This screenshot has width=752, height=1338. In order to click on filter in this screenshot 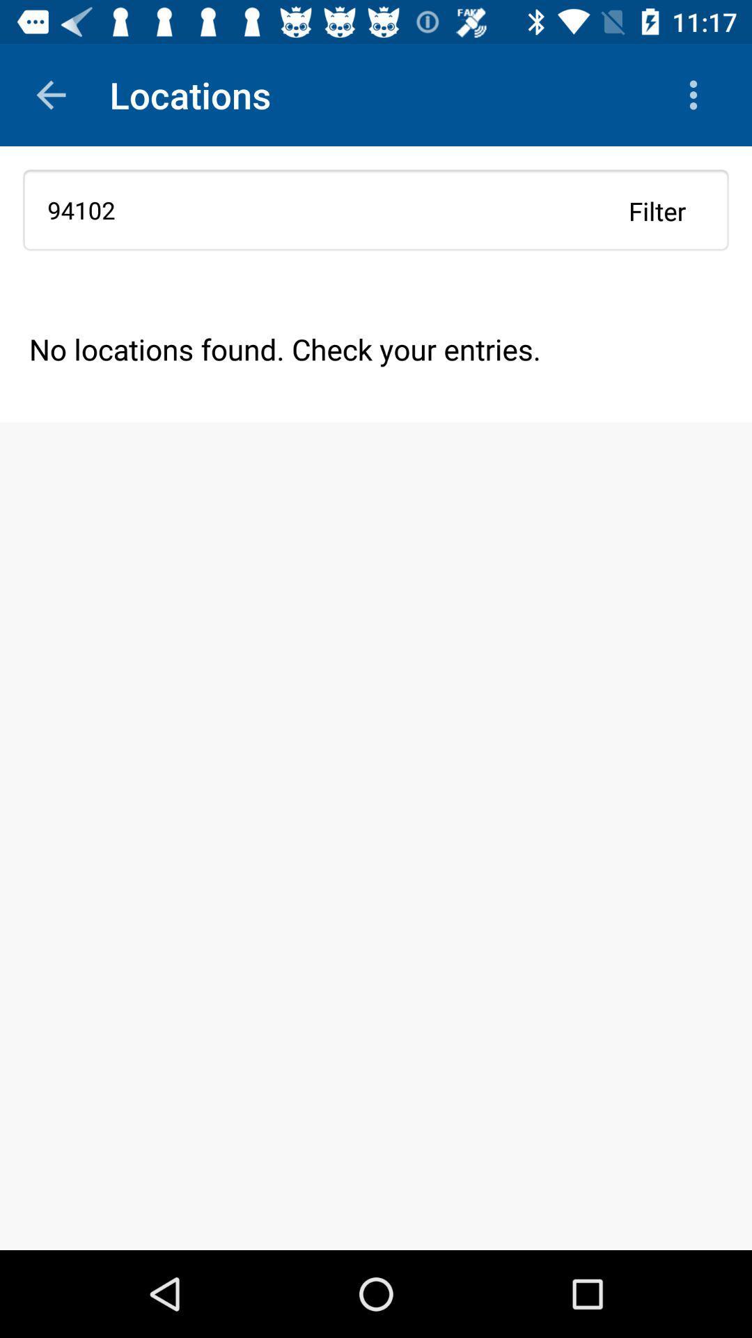, I will do `click(657, 210)`.